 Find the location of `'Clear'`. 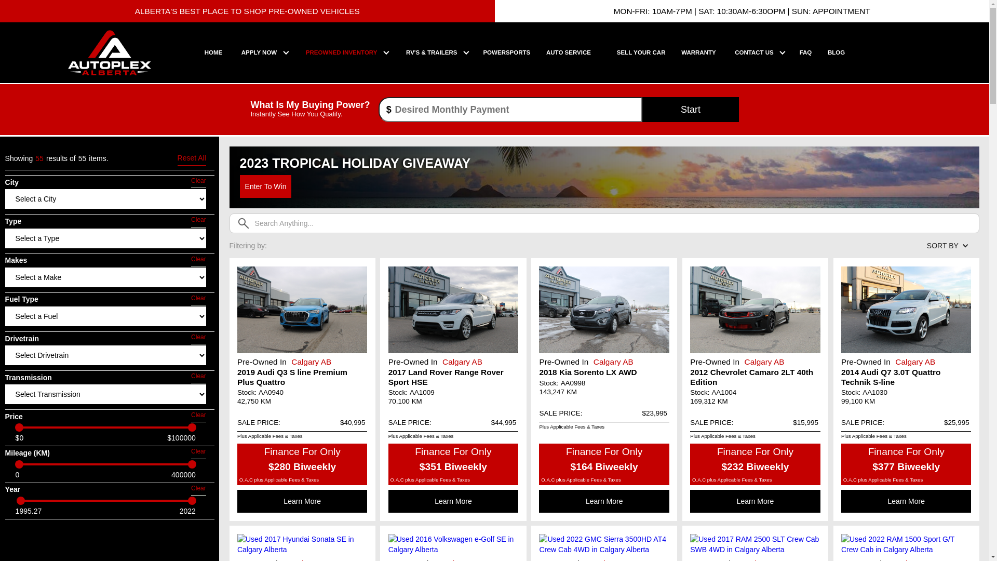

'Clear' is located at coordinates (198, 452).